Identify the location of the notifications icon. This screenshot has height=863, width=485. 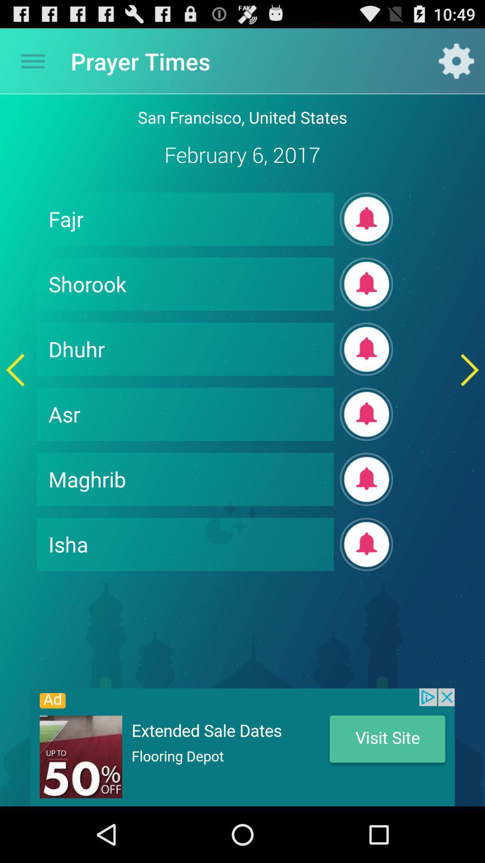
(366, 234).